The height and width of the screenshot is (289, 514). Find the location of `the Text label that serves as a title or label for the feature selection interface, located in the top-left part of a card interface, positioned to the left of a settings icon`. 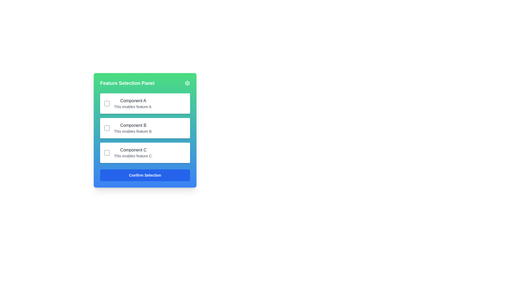

the Text label that serves as a title or label for the feature selection interface, located in the top-left part of a card interface, positioned to the left of a settings icon is located at coordinates (127, 83).